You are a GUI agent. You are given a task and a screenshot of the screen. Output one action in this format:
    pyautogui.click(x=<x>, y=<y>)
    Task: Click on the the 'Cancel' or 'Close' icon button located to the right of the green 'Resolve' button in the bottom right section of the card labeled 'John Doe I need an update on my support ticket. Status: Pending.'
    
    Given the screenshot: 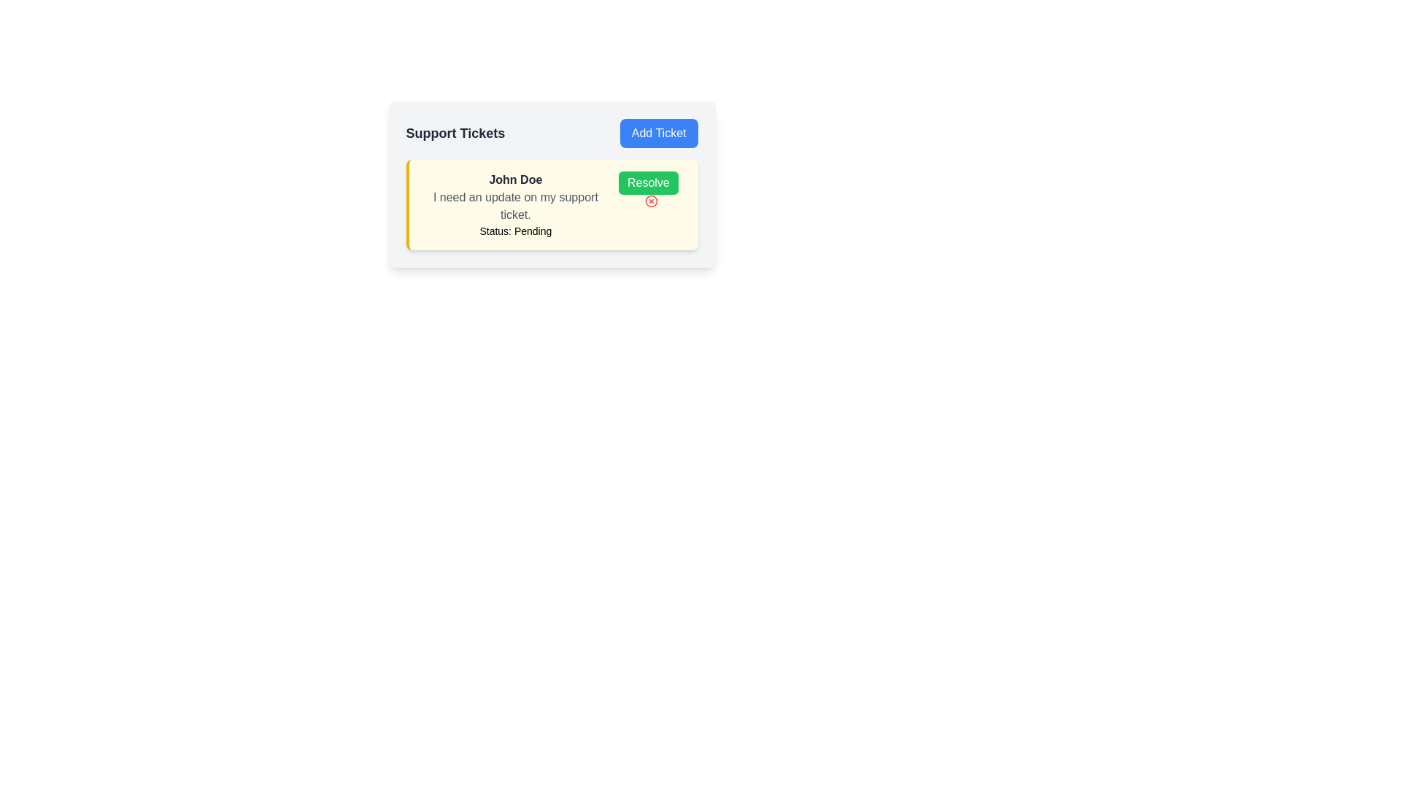 What is the action you would take?
    pyautogui.click(x=650, y=201)
    